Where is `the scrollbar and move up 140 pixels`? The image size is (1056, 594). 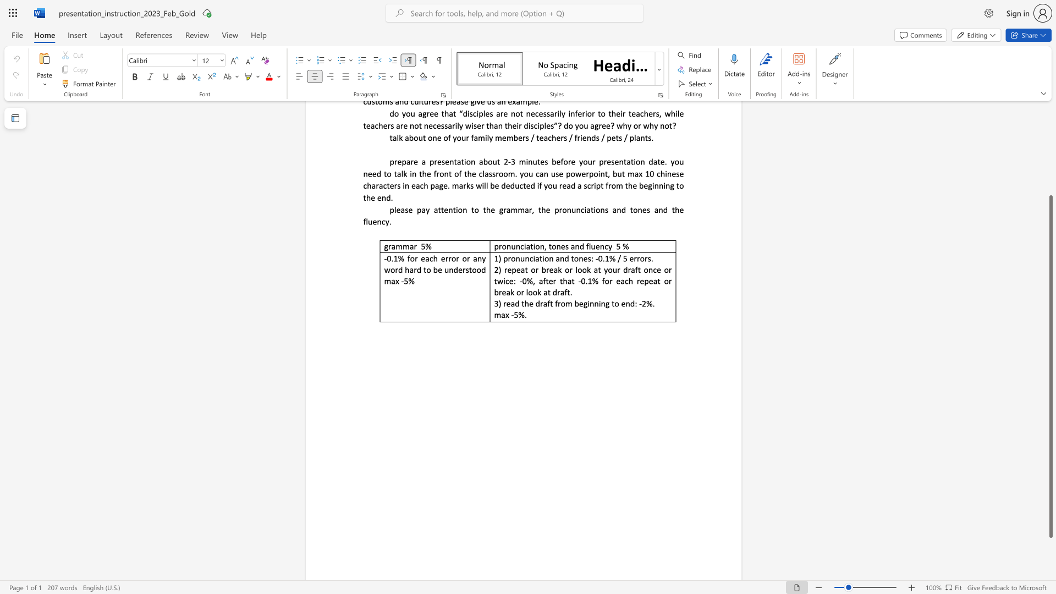
the scrollbar and move up 140 pixels is located at coordinates (1050, 366).